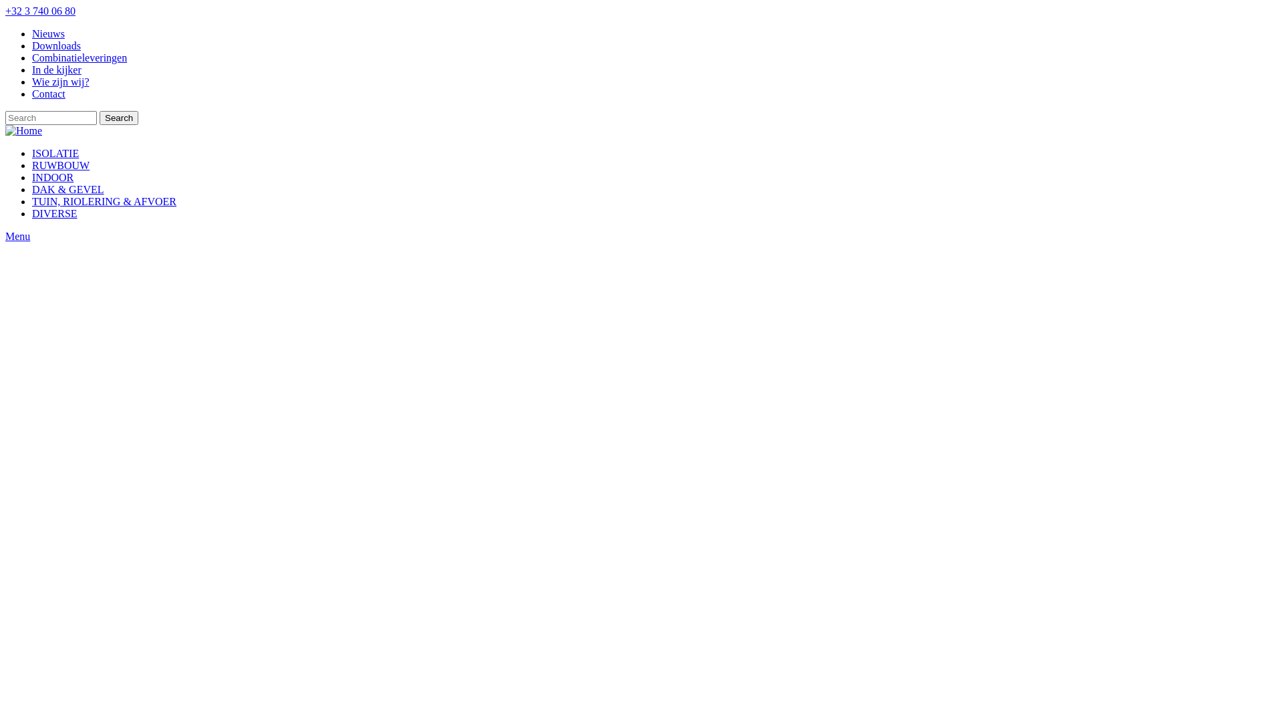  What do you see at coordinates (104, 201) in the screenshot?
I see `'TUIN, RIOLERING & AFVOER'` at bounding box center [104, 201].